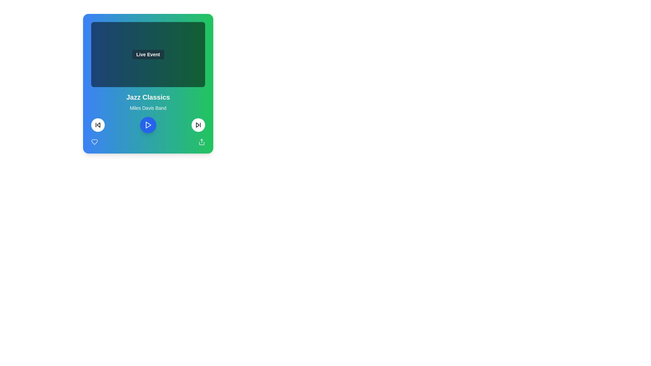  Describe the element at coordinates (147, 54) in the screenshot. I see `the 'Live Event' label, which is a small label with a dark semi-transparent background and rounded corners, prominently positioned at the top of the card interface` at that location.